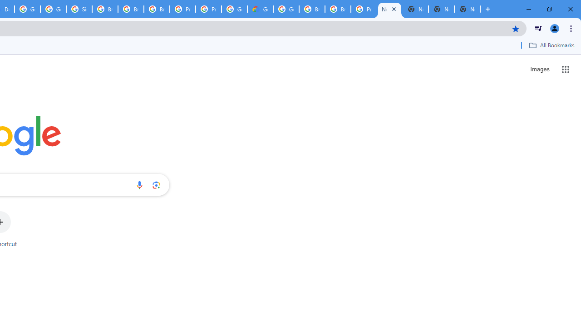  What do you see at coordinates (139, 184) in the screenshot?
I see `'Search by voice'` at bounding box center [139, 184].